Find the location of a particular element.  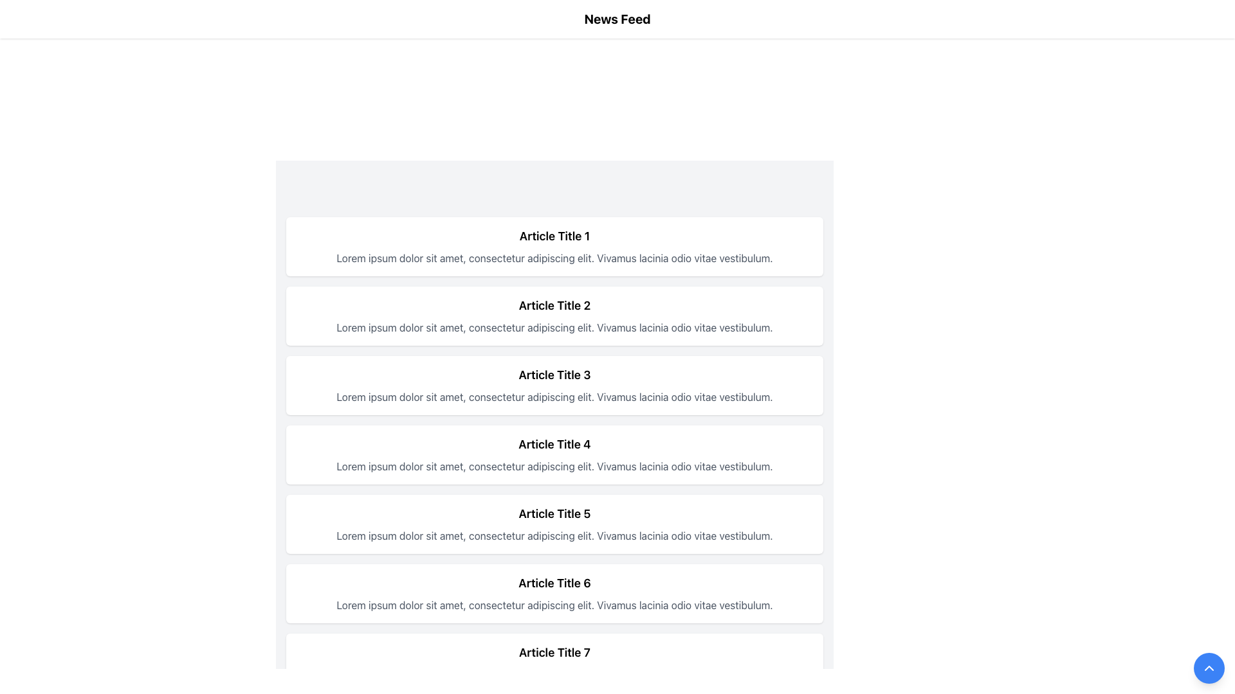

gray text block displayed below the bold title 'Article Title 2' in the card-like structure, which contains placeholder text: 'Lorem ipsum dolor sit amet, consectetur adipiscing elit. Vivamus lacinia odio vitae vestibulum.' is located at coordinates (554, 326).